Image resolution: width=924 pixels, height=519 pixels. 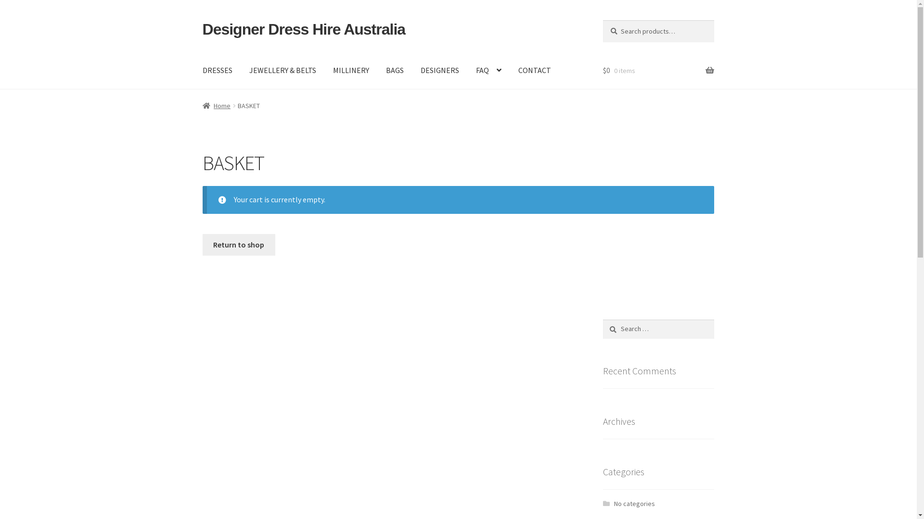 I want to click on 'Return to shop', so click(x=202, y=244).